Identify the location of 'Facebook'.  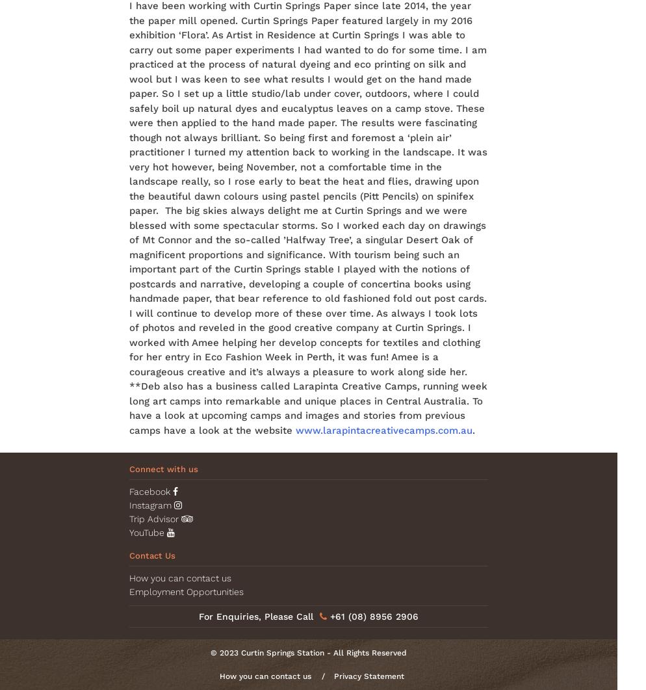
(151, 491).